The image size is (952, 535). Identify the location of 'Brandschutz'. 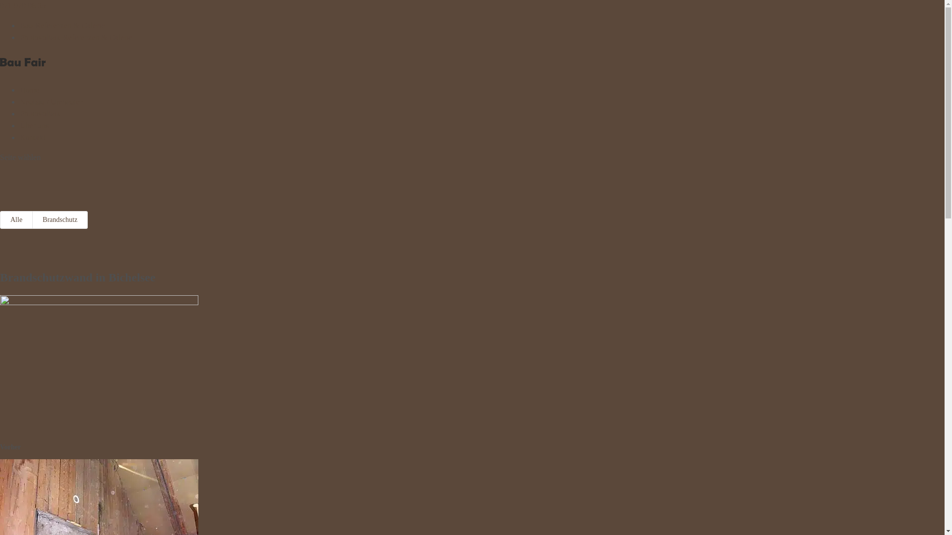
(59, 219).